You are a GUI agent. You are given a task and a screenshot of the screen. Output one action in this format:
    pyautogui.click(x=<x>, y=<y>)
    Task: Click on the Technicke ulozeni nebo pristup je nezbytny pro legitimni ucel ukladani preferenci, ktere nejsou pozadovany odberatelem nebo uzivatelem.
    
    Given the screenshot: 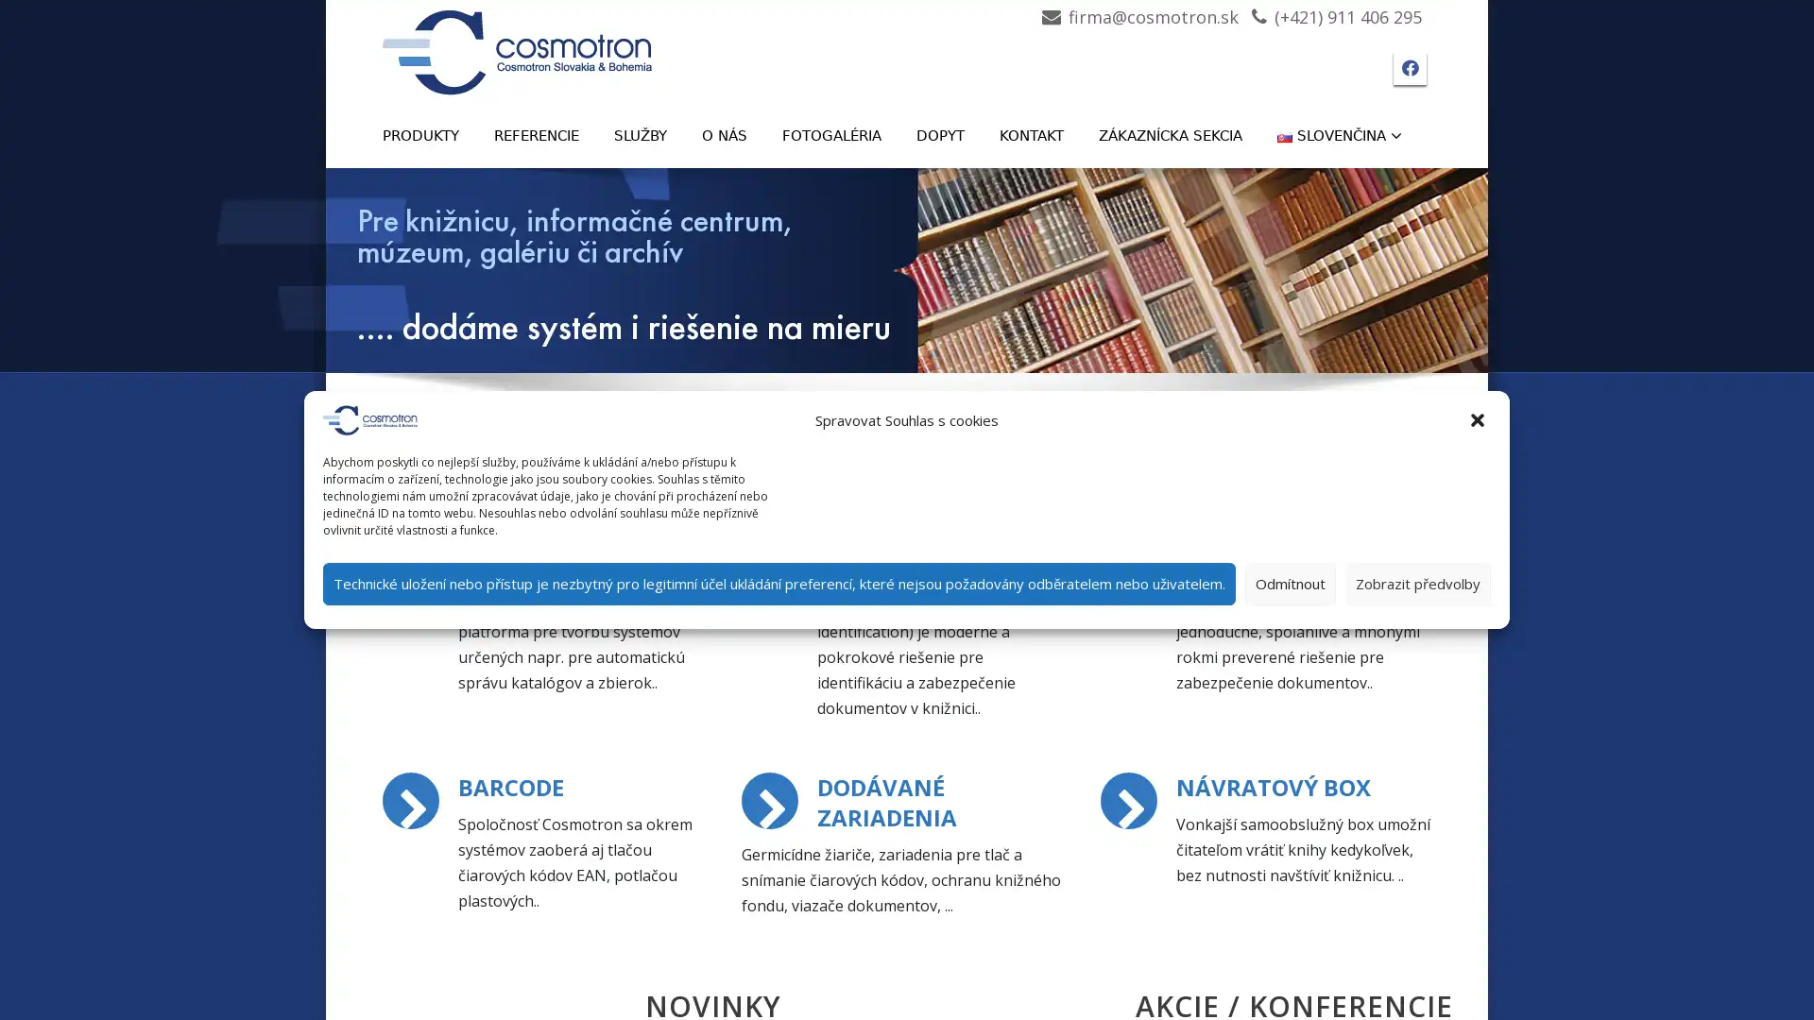 What is the action you would take?
    pyautogui.click(x=779, y=582)
    